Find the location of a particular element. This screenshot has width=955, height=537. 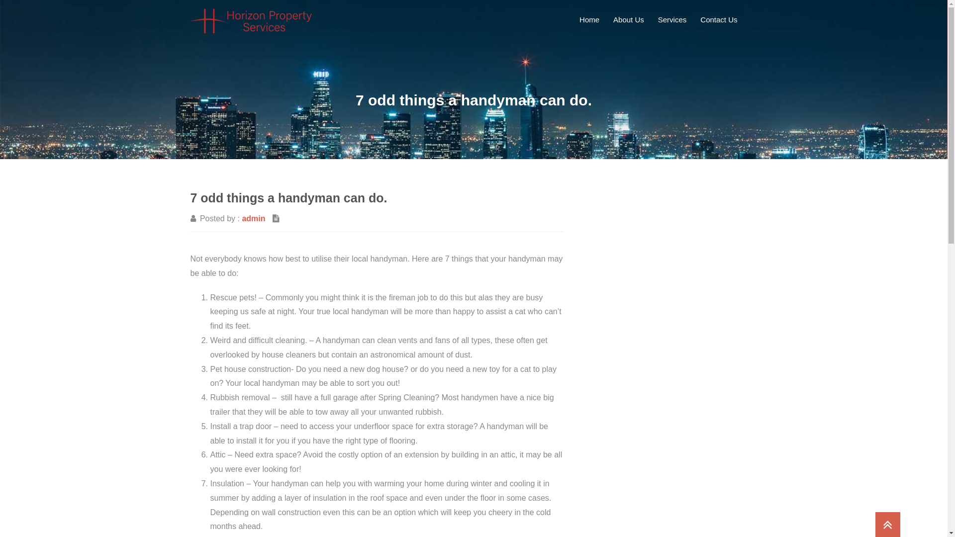

'About Us' is located at coordinates (628, 19).